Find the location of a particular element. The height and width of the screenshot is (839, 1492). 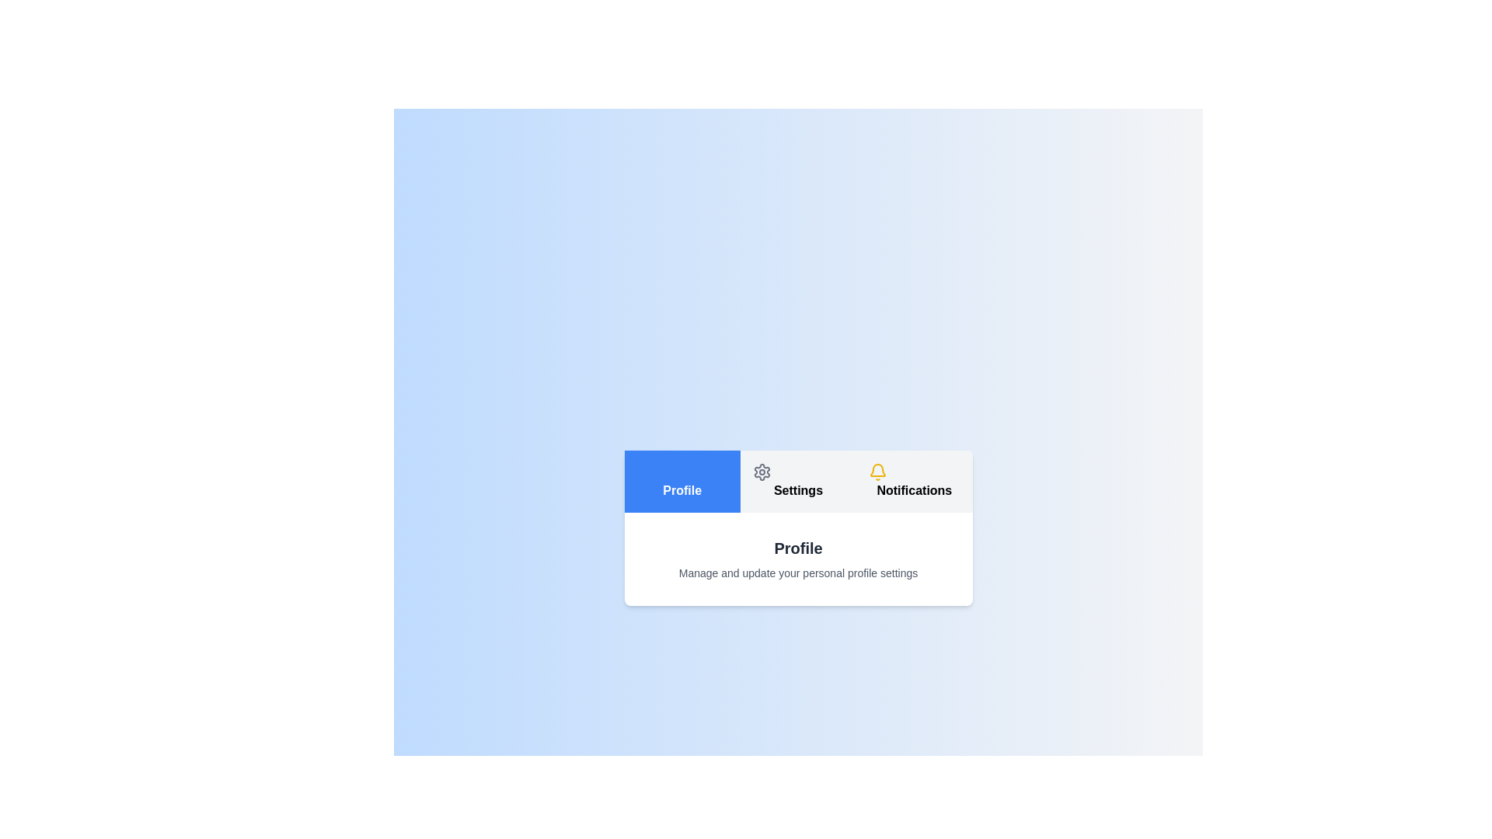

the Settings tab to highlight it is located at coordinates (798, 481).